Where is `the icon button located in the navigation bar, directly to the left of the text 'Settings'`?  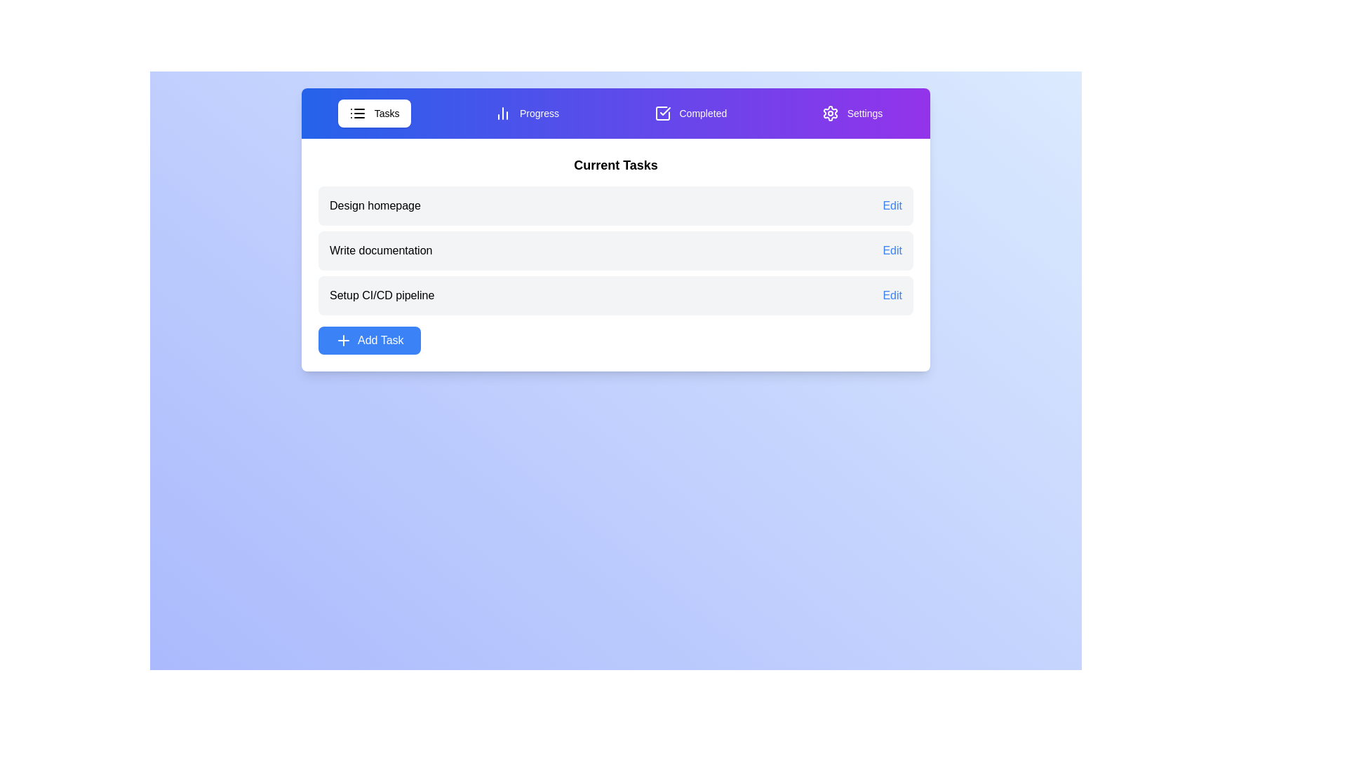 the icon button located in the navigation bar, directly to the left of the text 'Settings' is located at coordinates (830, 113).